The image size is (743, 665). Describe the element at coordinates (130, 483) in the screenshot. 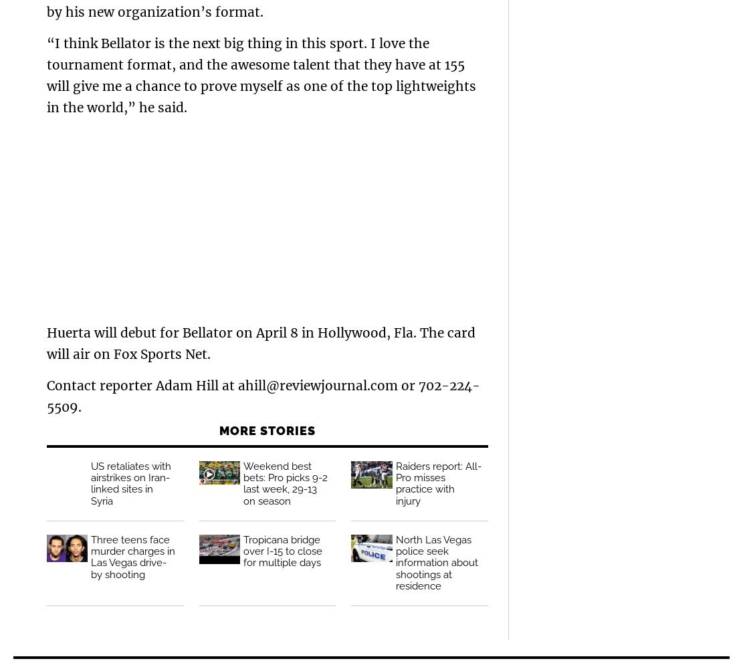

I see `'US retaliates with airstrikes on Iran-linked sites in Syria'` at that location.